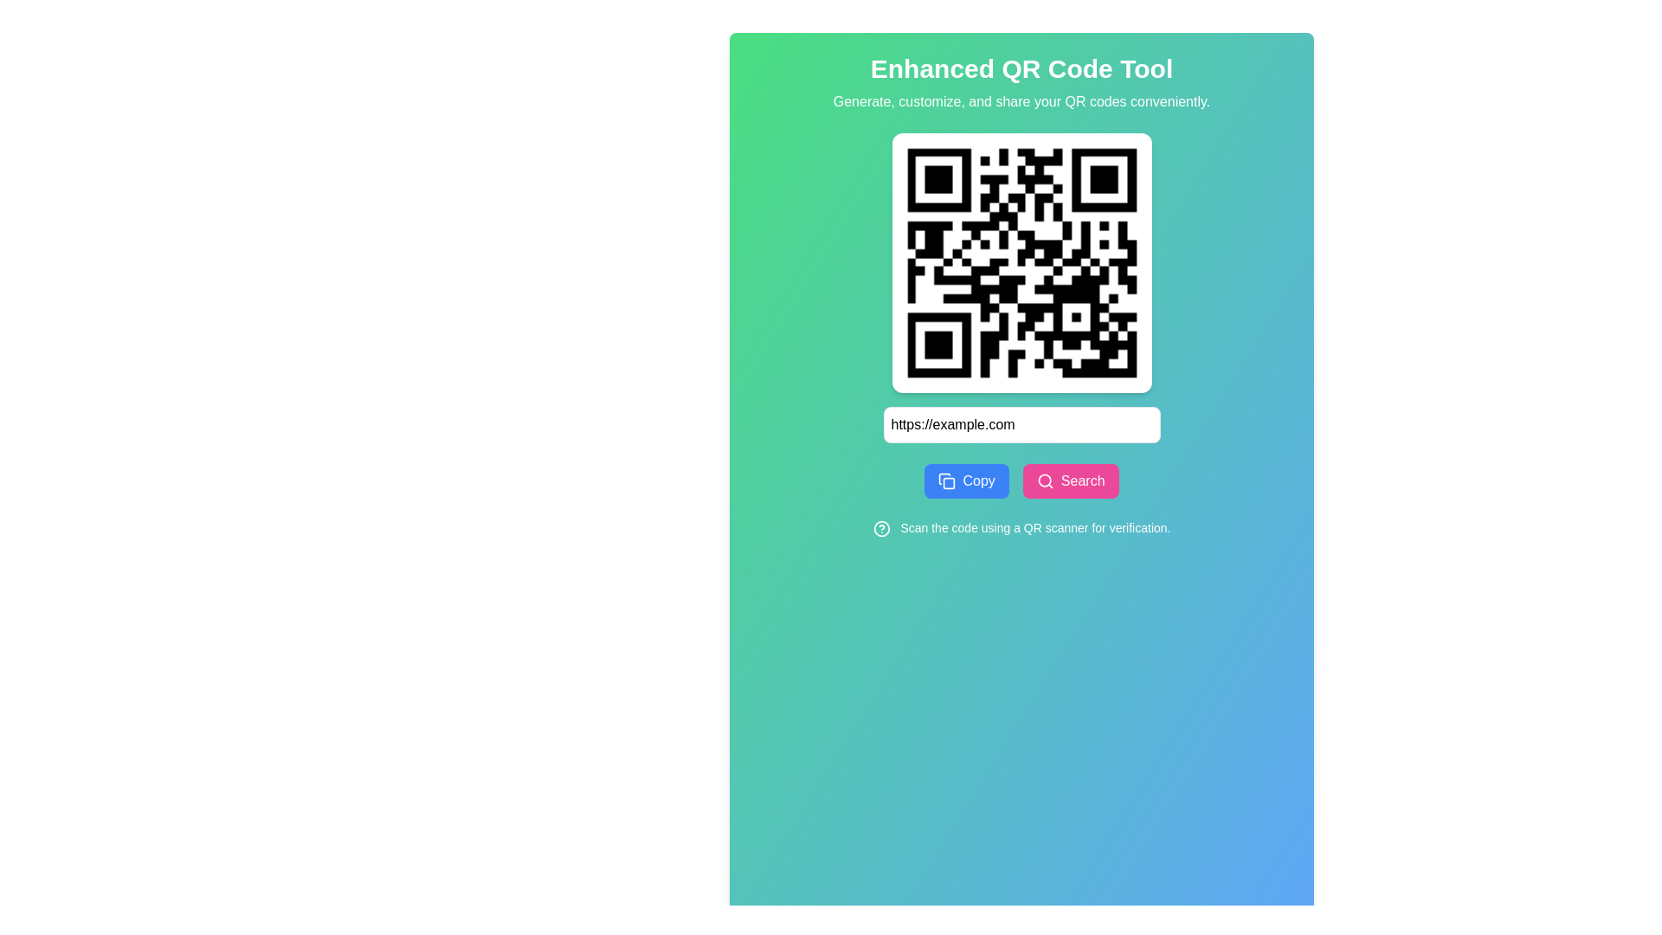  What do you see at coordinates (1021, 527) in the screenshot?
I see `the text label component that reads 'Scan the code using a QR scanner for verification,' located at the bottom center of the interface, beneath the 'Copy' and 'Search' buttons` at bounding box center [1021, 527].